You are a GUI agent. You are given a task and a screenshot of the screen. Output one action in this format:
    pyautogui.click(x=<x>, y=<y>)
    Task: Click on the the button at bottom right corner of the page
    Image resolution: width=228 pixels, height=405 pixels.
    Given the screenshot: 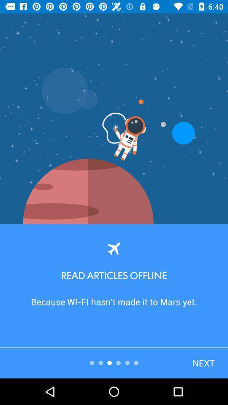 What is the action you would take?
    pyautogui.click(x=205, y=362)
    